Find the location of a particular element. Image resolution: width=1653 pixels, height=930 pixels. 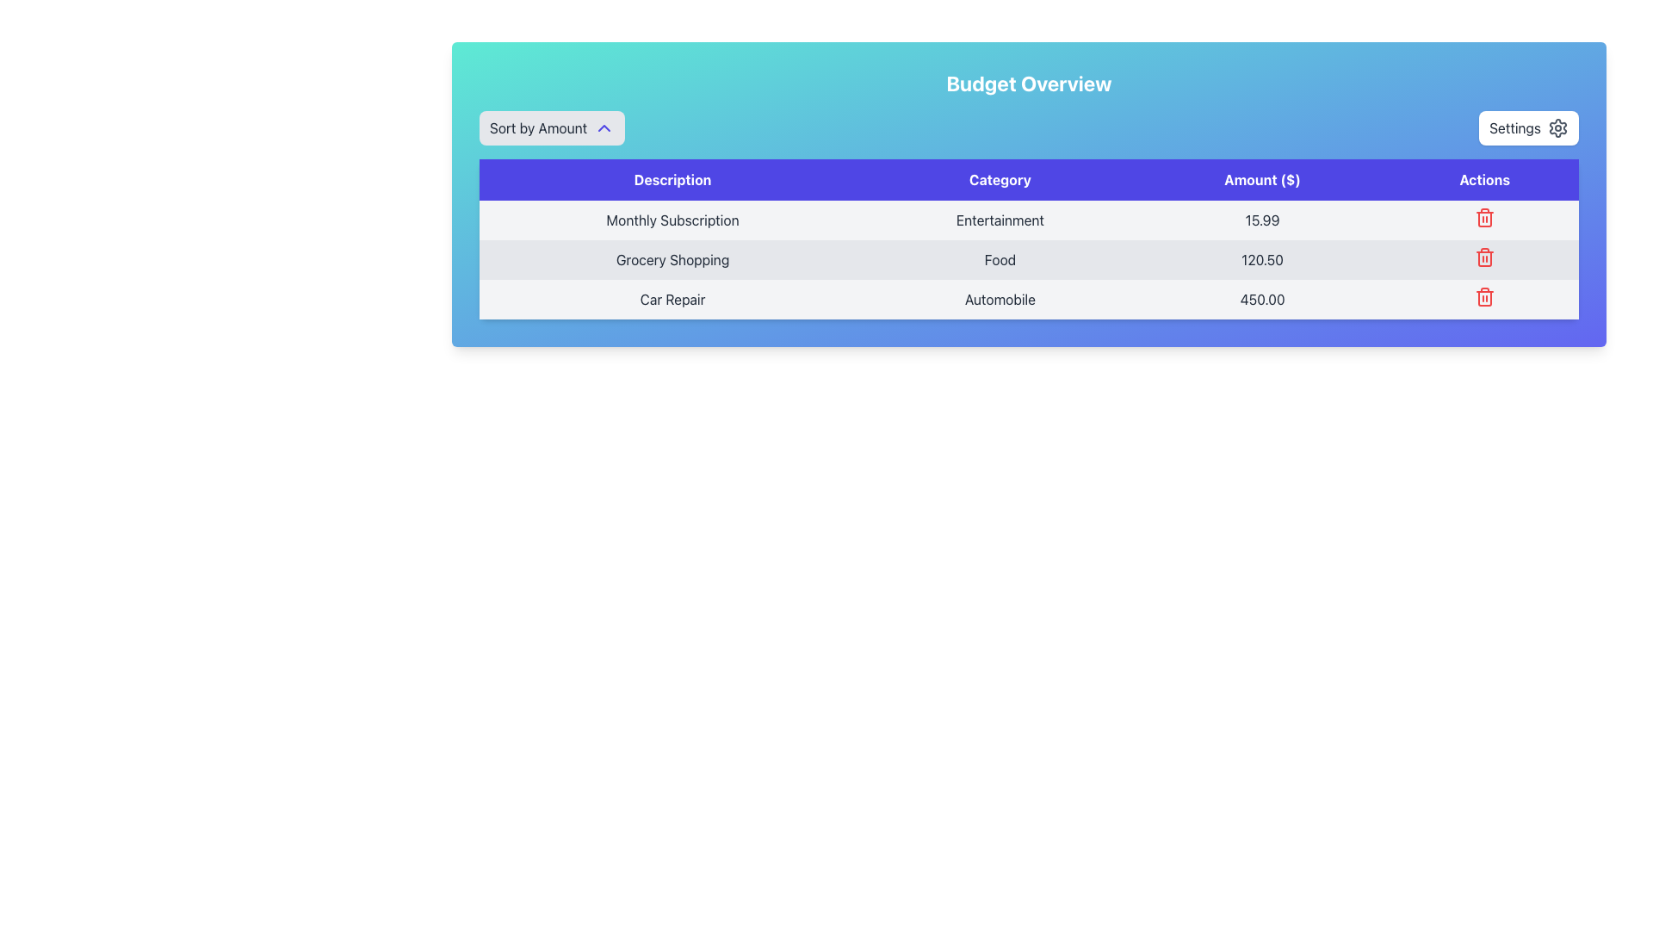

text displayed in the 'Grocery Shopping' Text element located in the second row of the table under the 'Description' column is located at coordinates (672, 259).